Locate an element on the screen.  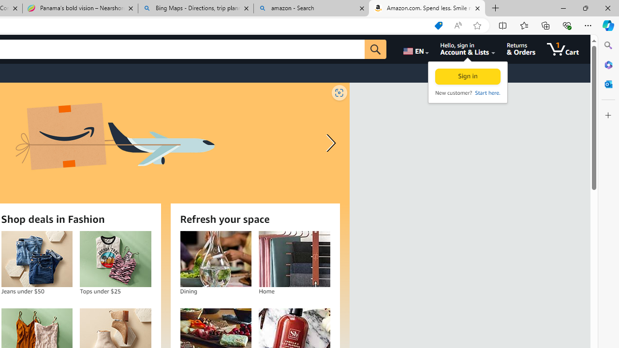
'Tops under $25' is located at coordinates (116, 259).